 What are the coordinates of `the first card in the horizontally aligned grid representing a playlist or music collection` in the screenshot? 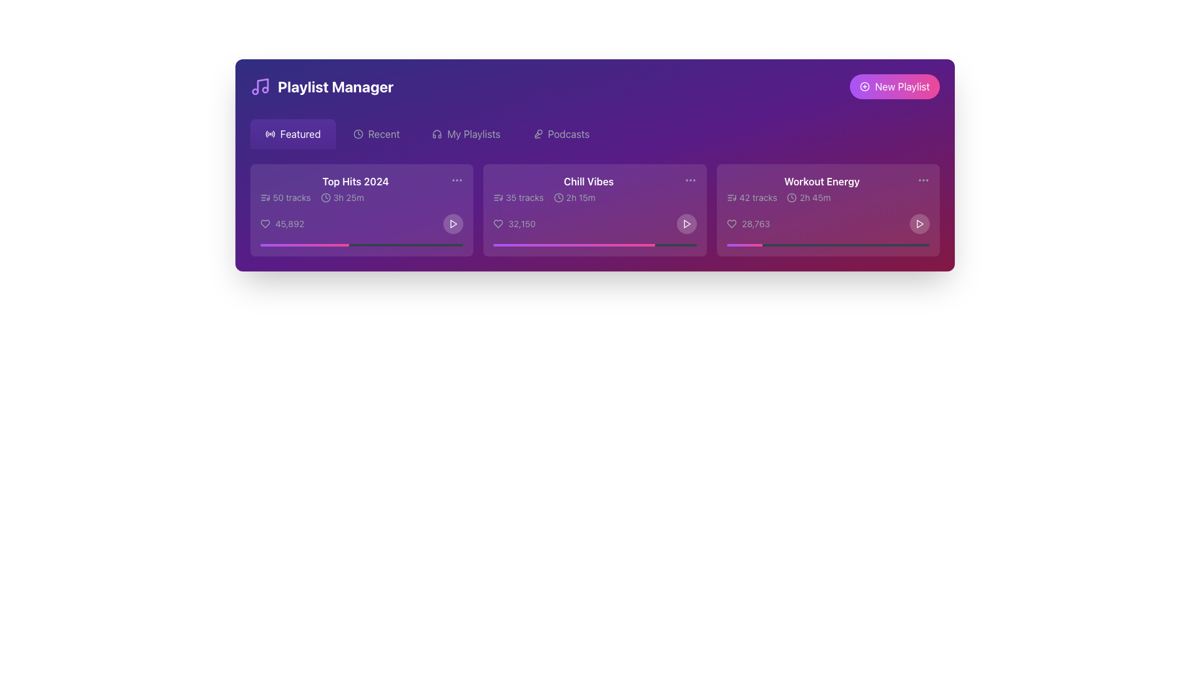 It's located at (361, 209).